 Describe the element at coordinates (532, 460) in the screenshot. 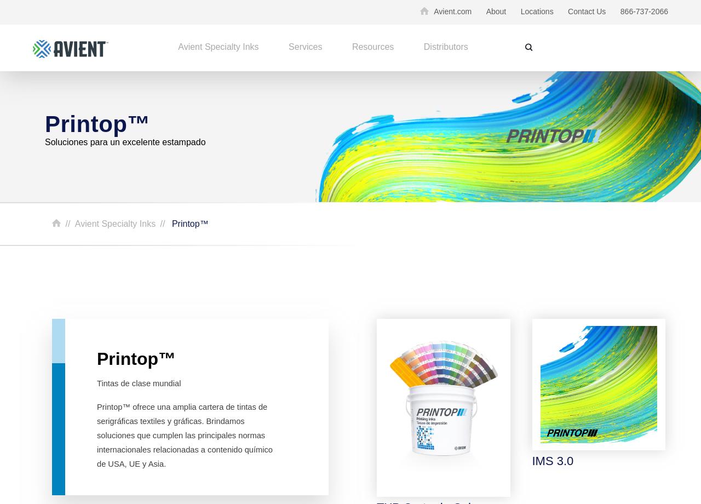

I see `'IMS 3.0'` at that location.